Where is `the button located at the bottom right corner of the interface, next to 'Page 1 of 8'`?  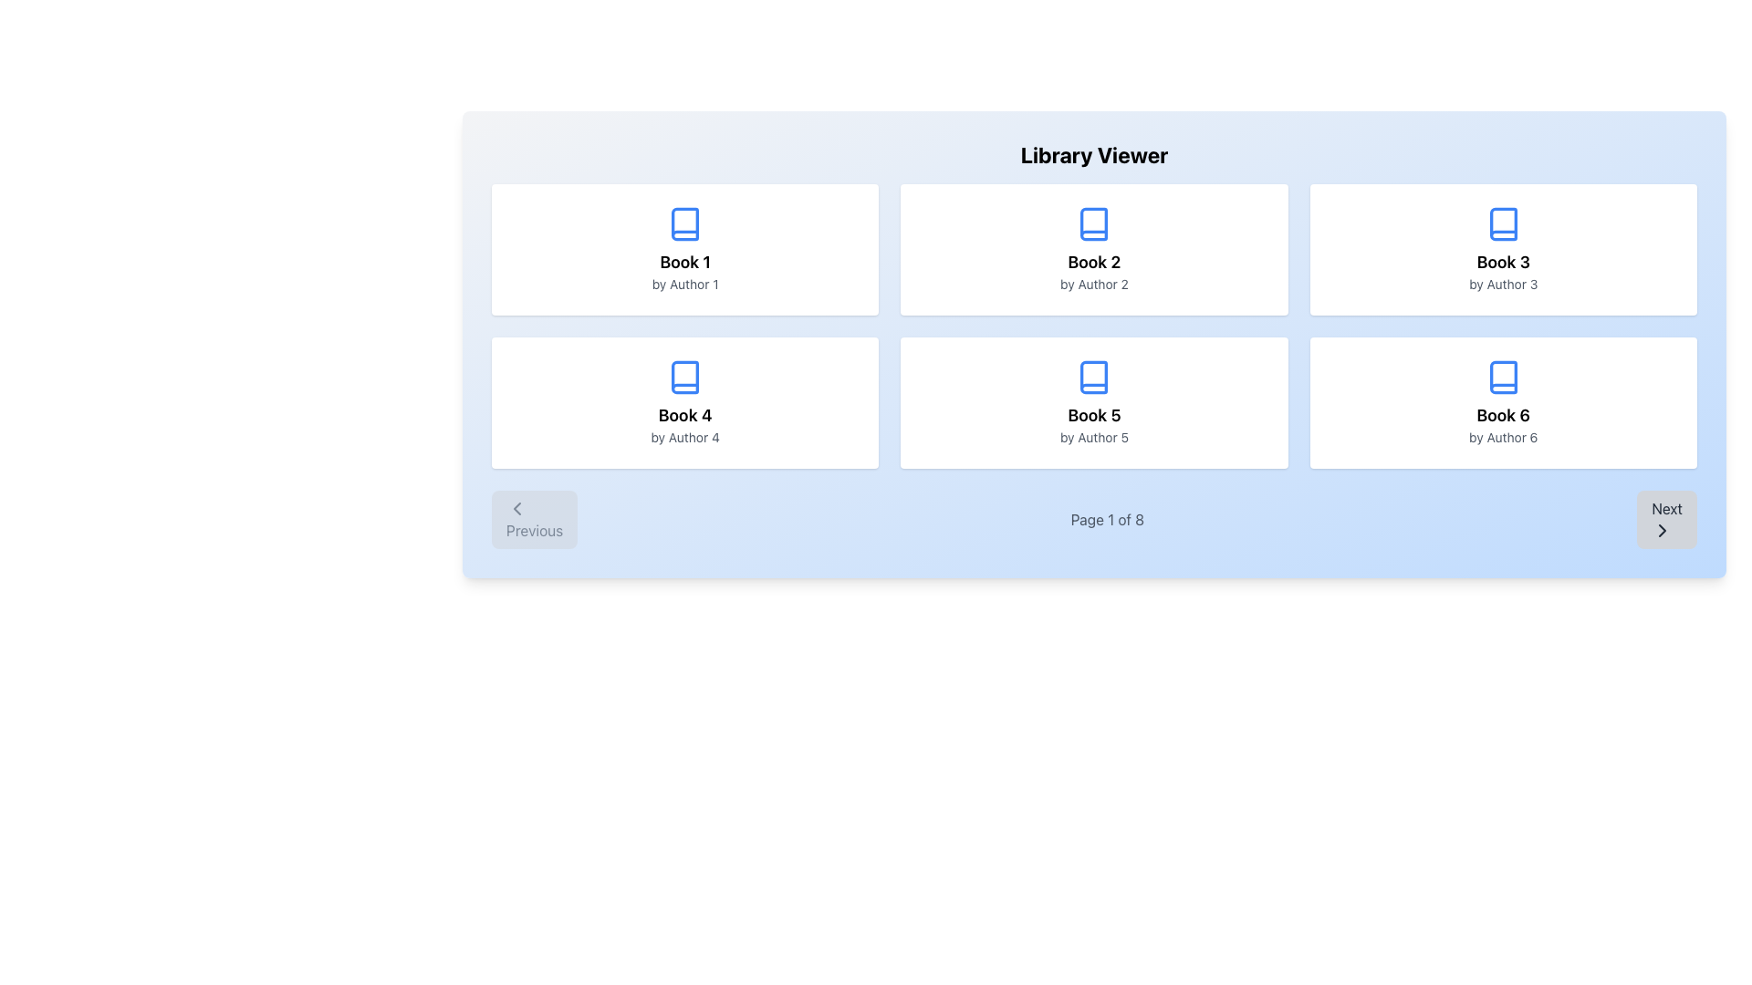 the button located at the bottom right corner of the interface, next to 'Page 1 of 8' is located at coordinates (1667, 520).